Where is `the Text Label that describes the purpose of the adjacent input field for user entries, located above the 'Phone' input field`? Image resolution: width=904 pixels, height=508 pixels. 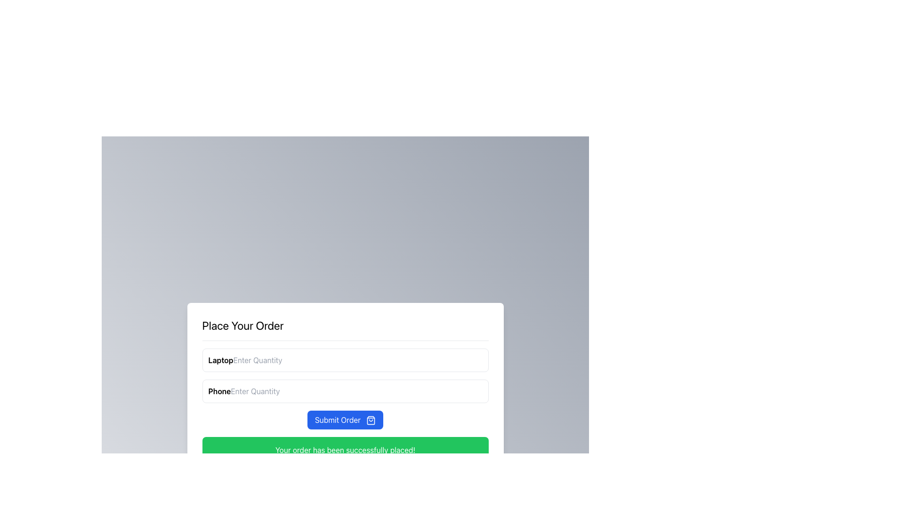 the Text Label that describes the purpose of the adjacent input field for user entries, located above the 'Phone' input field is located at coordinates (220, 360).